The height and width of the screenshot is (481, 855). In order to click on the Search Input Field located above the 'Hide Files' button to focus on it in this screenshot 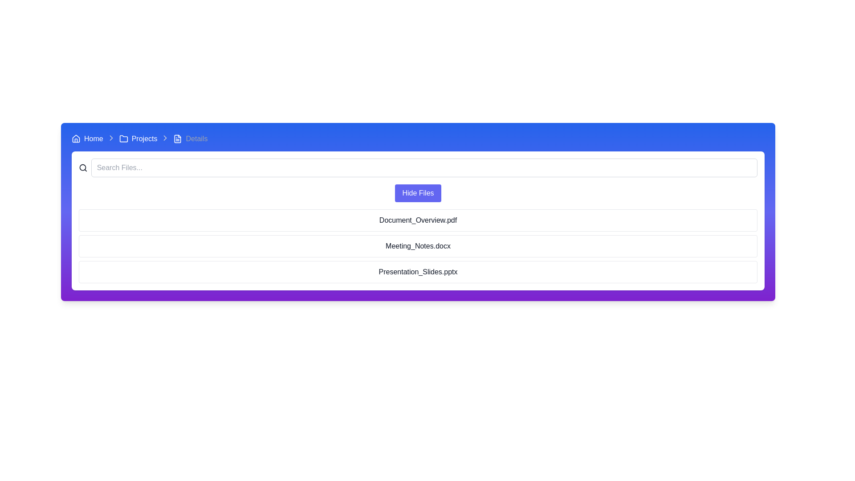, I will do `click(418, 168)`.